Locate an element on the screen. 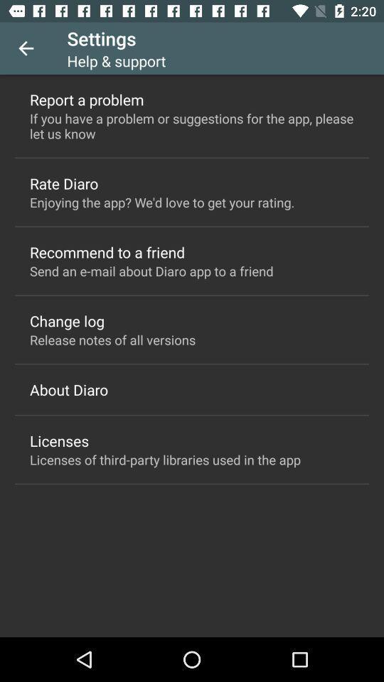  icon below licenses item is located at coordinates (164, 459).